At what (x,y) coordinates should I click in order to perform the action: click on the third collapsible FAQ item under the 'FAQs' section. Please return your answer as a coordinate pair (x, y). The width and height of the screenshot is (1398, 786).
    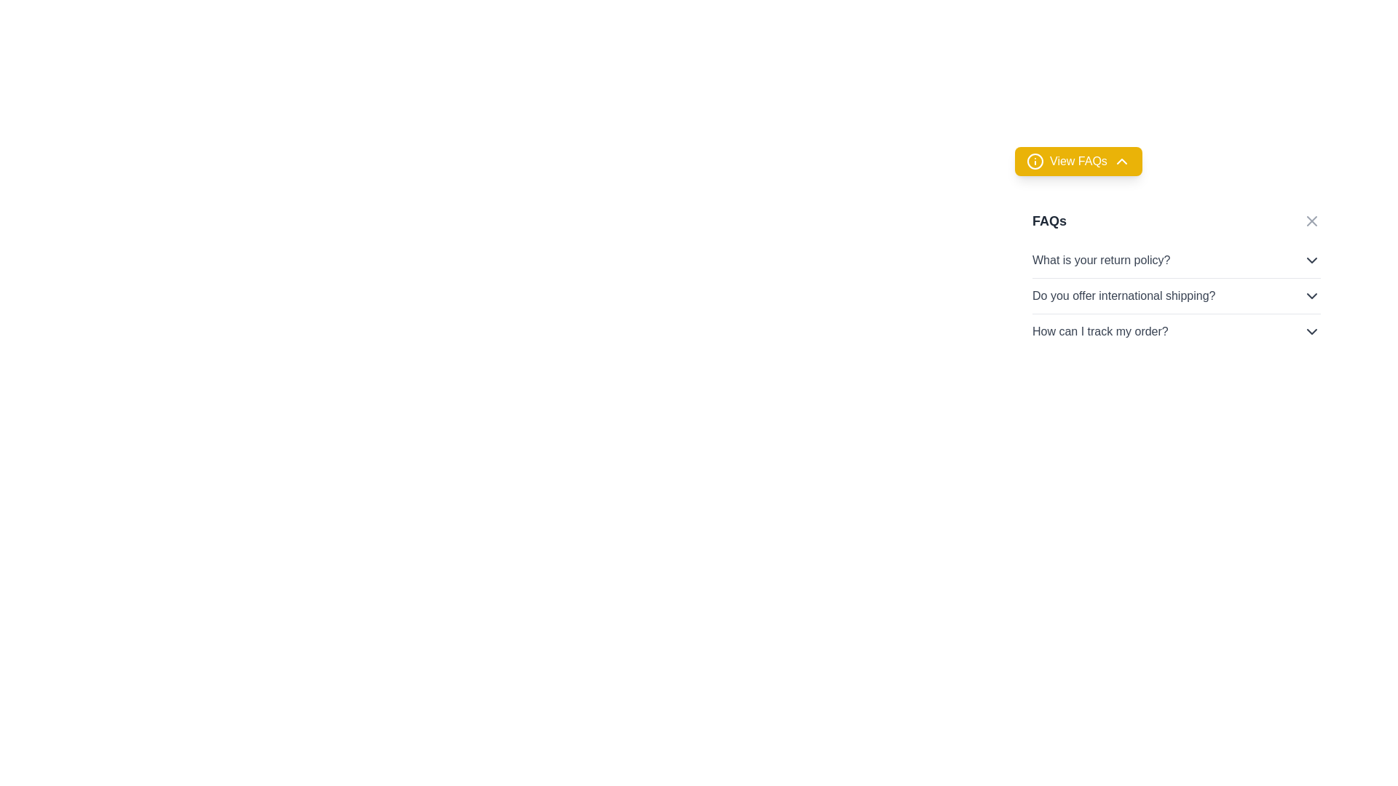
    Looking at the image, I should click on (1177, 331).